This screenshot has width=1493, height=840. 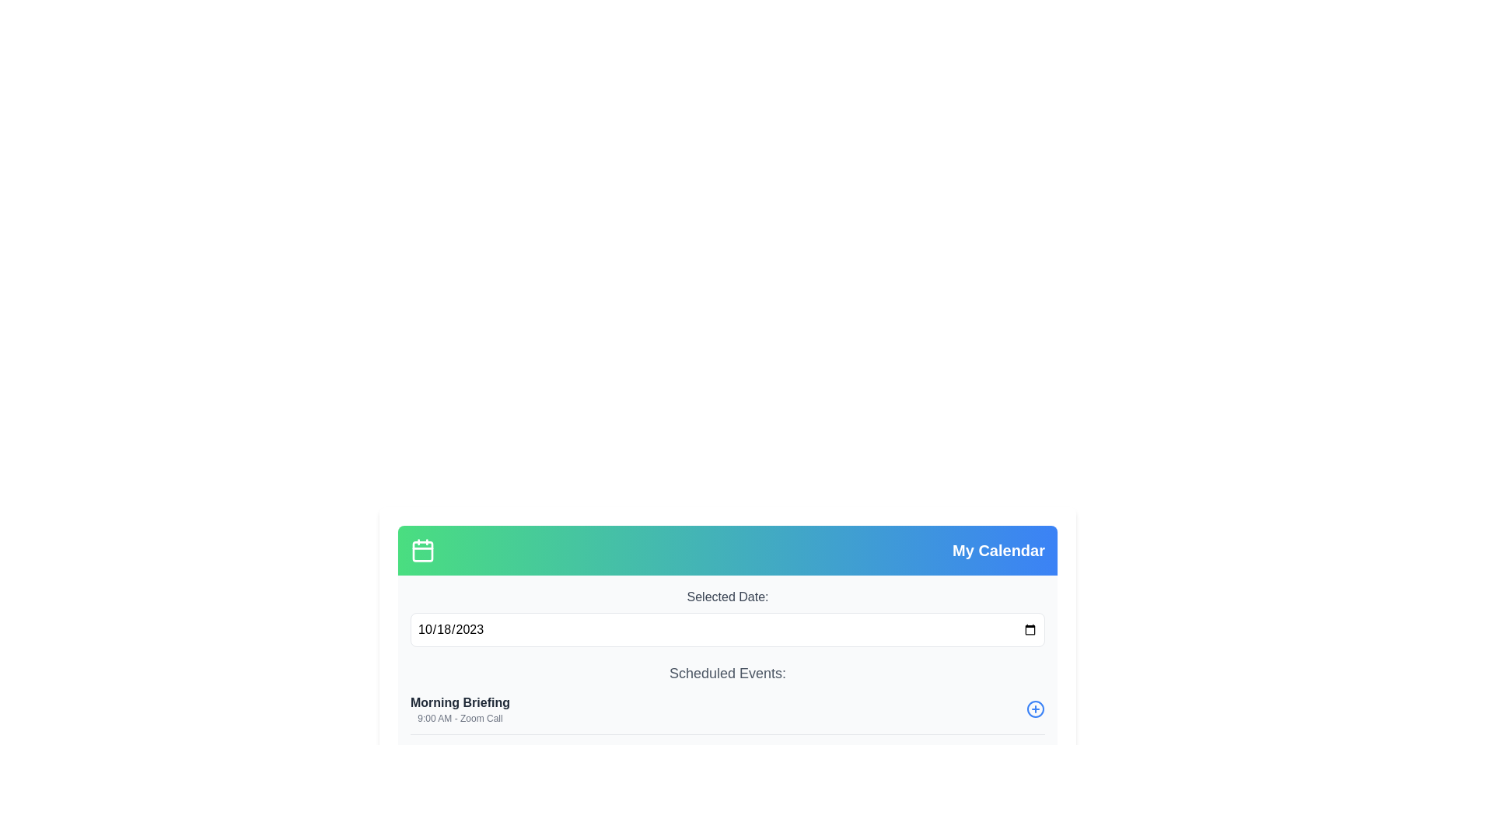 I want to click on the text label reading 'My Calendar', which is styled with a blue background and white text, located at the right-most end of the gradient header bar, so click(x=998, y=550).